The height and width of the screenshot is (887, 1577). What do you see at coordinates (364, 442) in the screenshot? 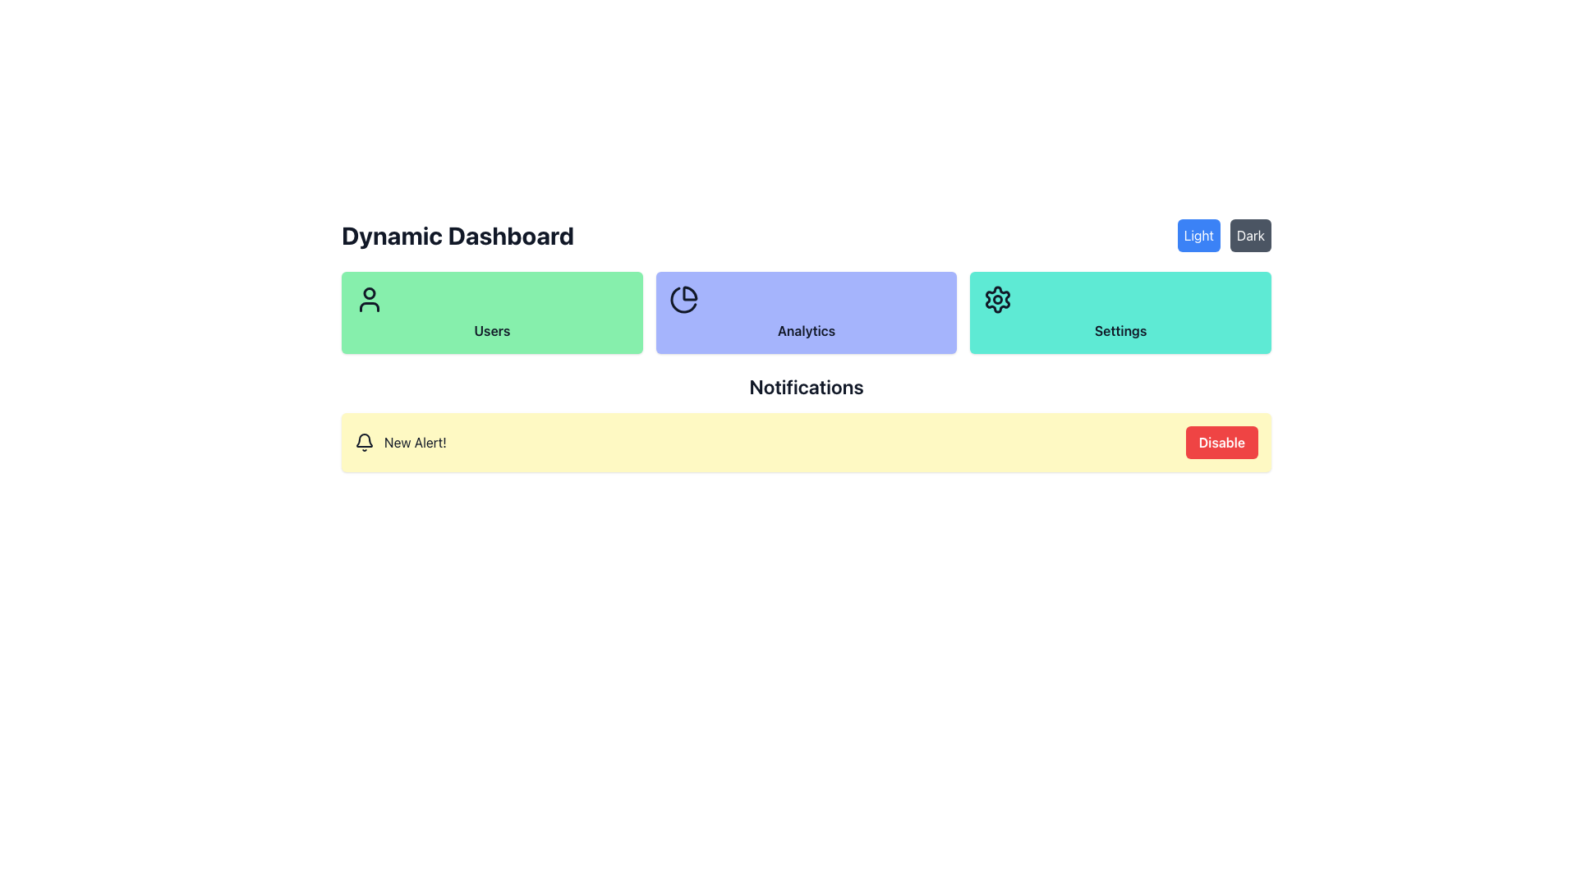
I see `the bell-shaped icon located in the yellow alert section adjacent to the 'New Alert!' text` at bounding box center [364, 442].